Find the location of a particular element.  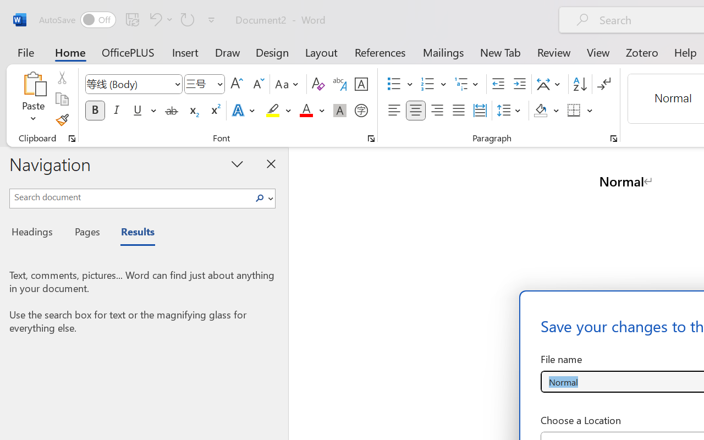

'Distributed' is located at coordinates (480, 111).